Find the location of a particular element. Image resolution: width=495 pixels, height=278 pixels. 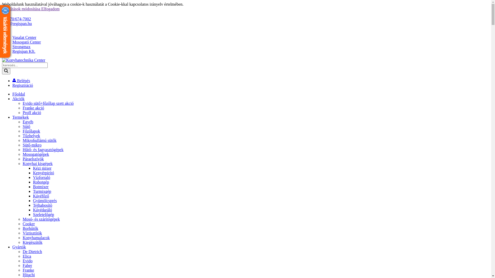

'Konyhatechnika Center' is located at coordinates (23, 60).